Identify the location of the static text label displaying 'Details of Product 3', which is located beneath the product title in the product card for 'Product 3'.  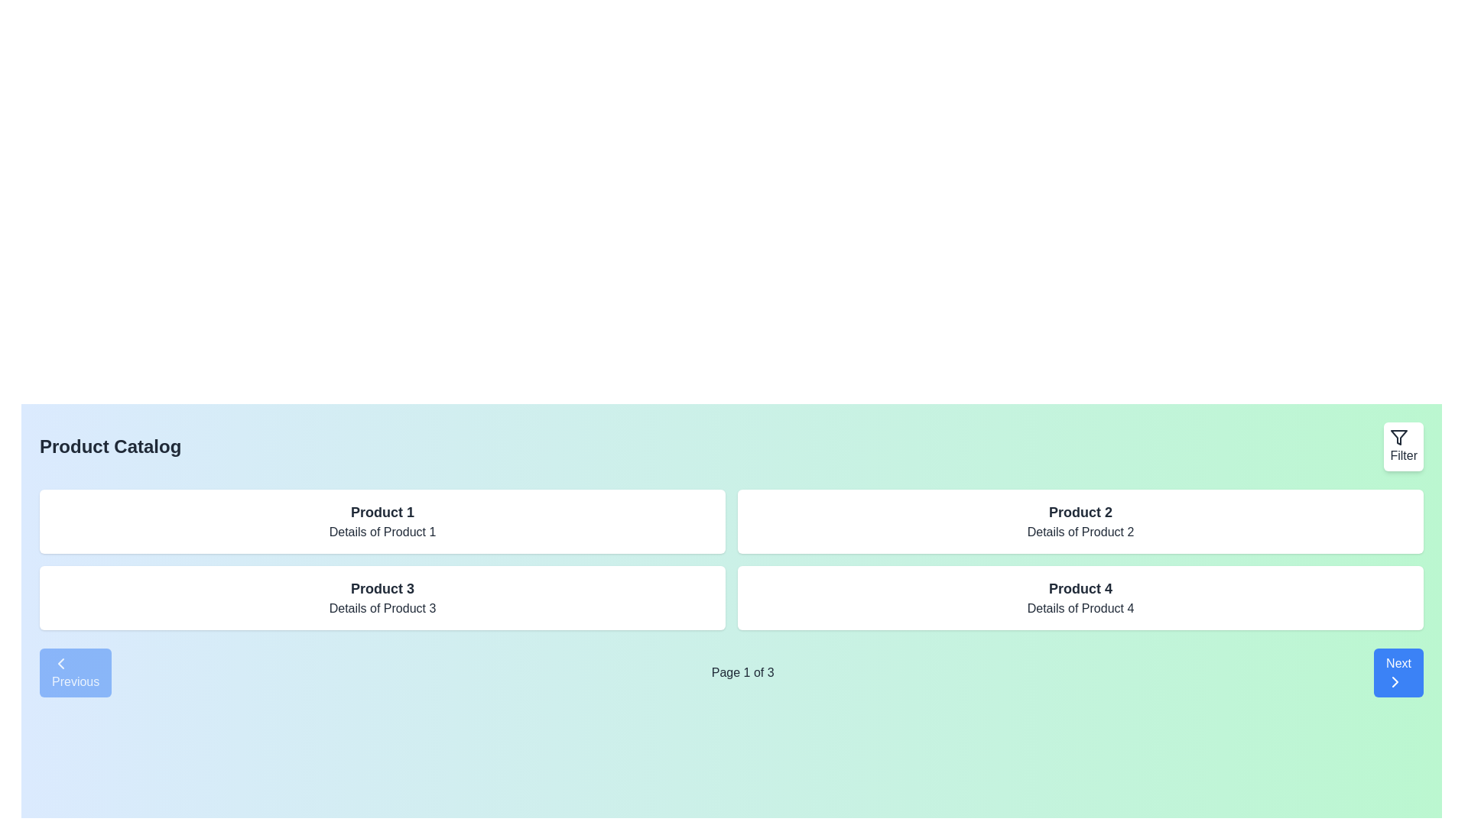
(382, 608).